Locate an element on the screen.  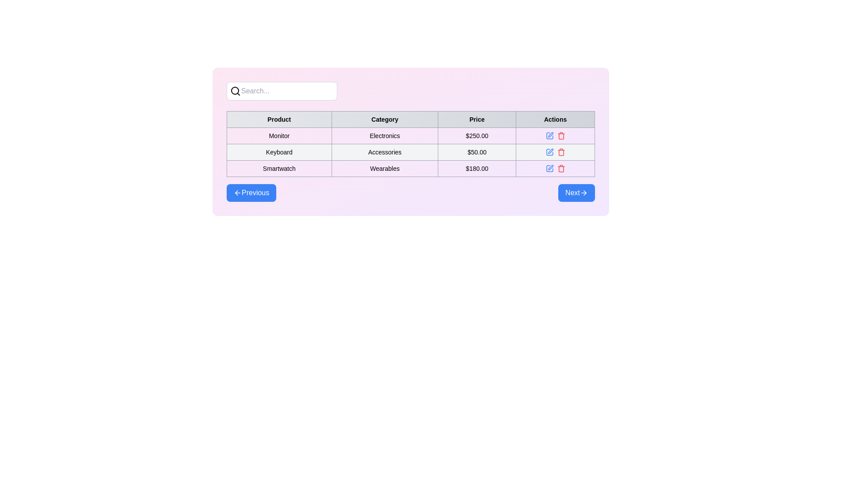
the Table Header Cell that serves as the header for the 'Product' column, located at the top-left corner of the table is located at coordinates (278, 119).